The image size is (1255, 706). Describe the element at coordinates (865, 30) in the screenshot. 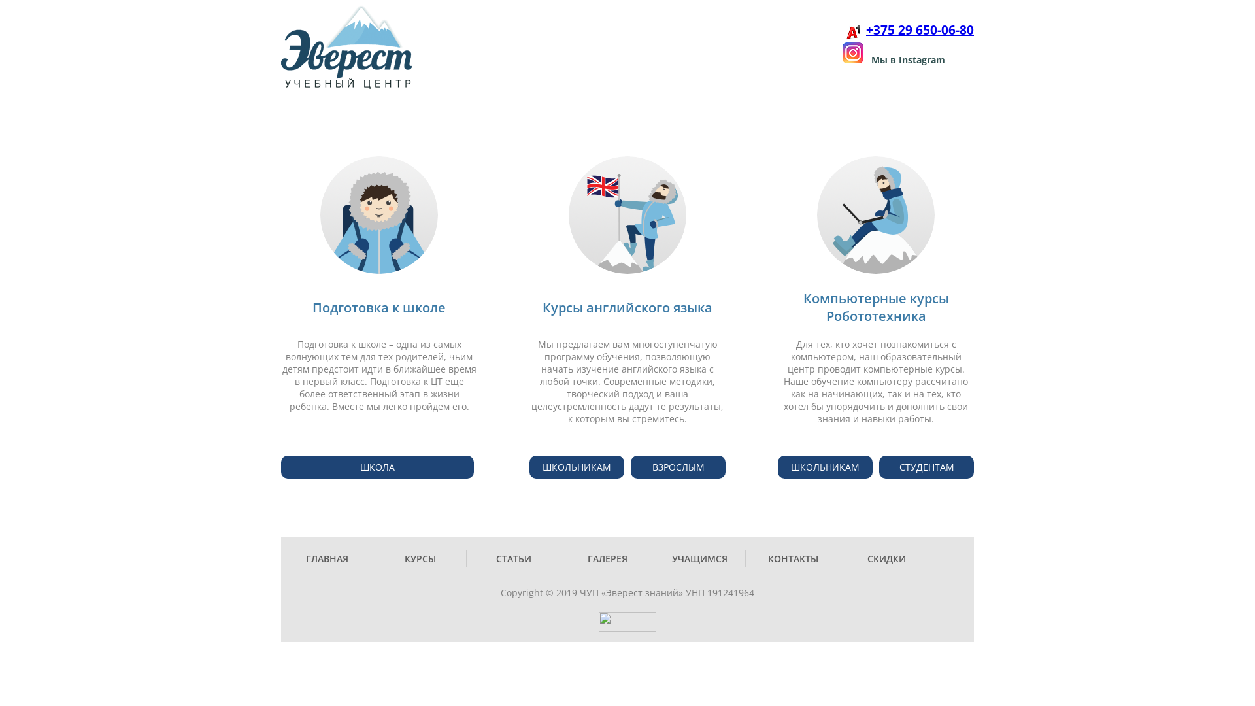

I see `'+375 29 650-06-80'` at that location.